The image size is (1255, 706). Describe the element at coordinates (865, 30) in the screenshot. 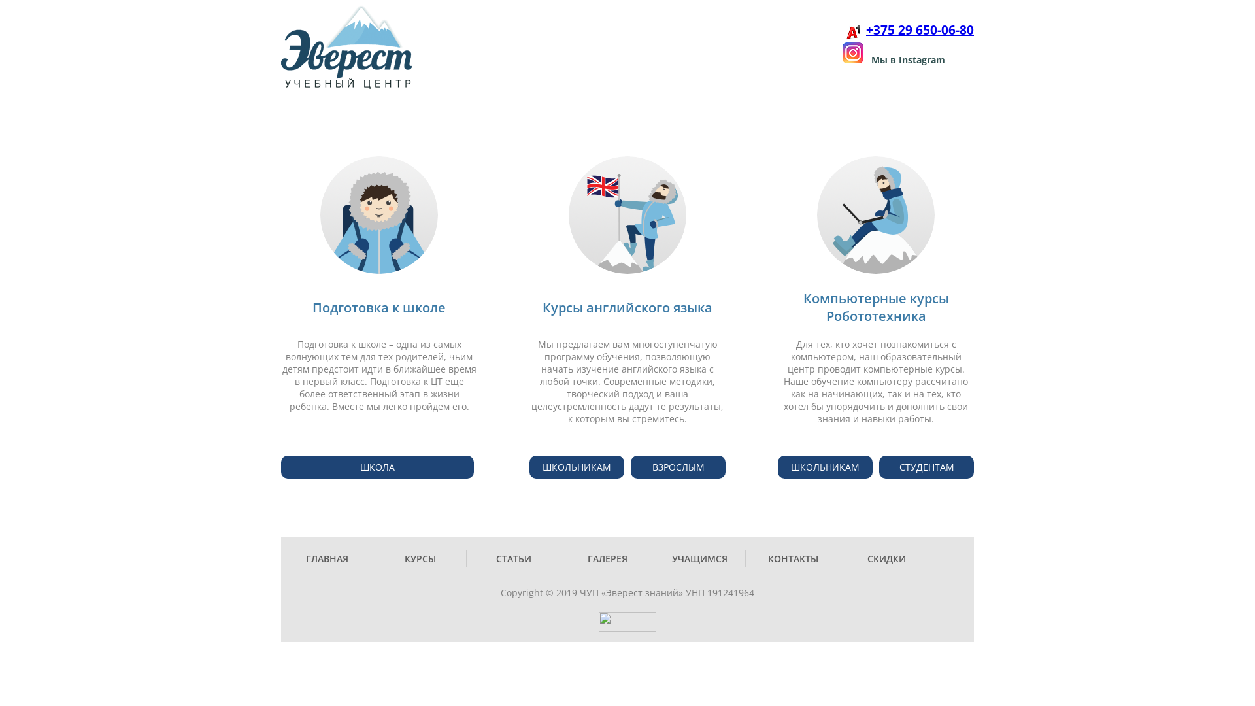

I see `'+375 29 650-06-80'` at that location.